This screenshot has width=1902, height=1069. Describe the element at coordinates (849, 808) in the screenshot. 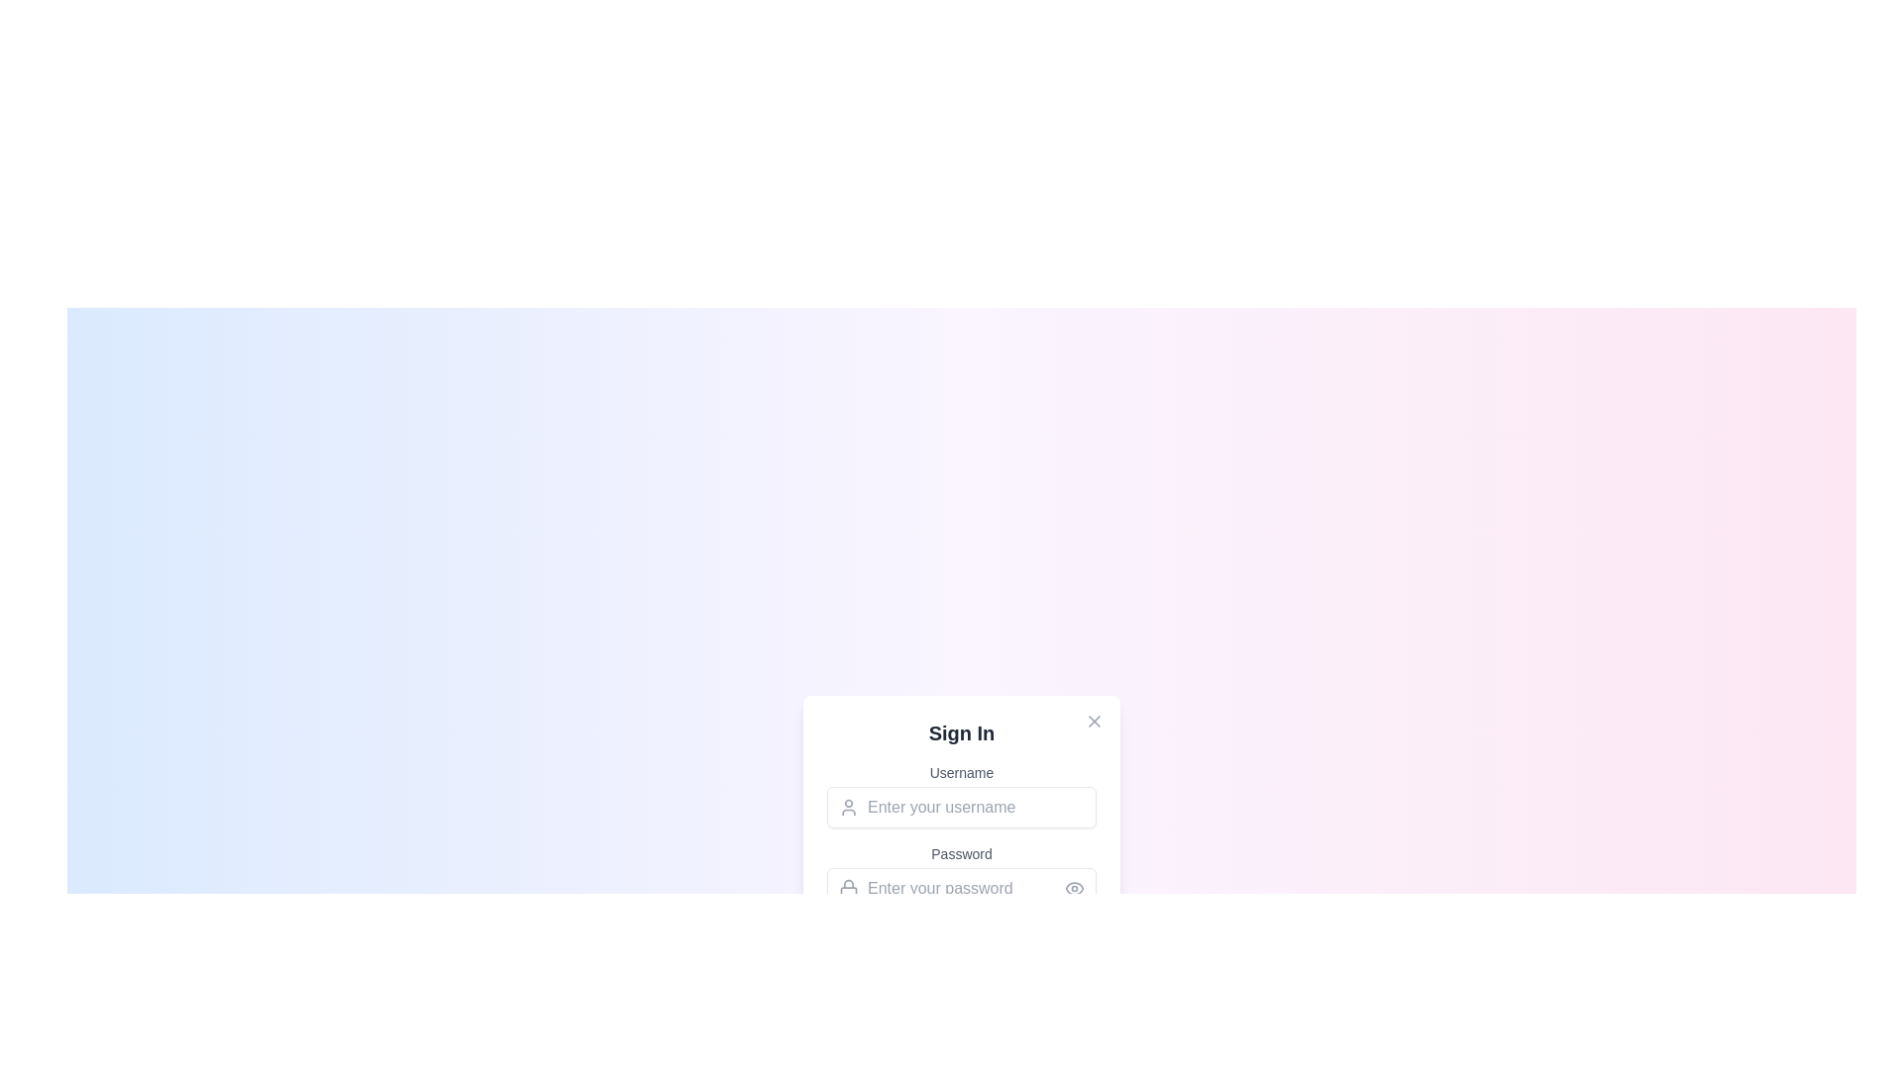

I see `the user profile icon, which is a gray circular icon with a minimalistic design located to the left of the username input field in the 'Sign In' form` at that location.